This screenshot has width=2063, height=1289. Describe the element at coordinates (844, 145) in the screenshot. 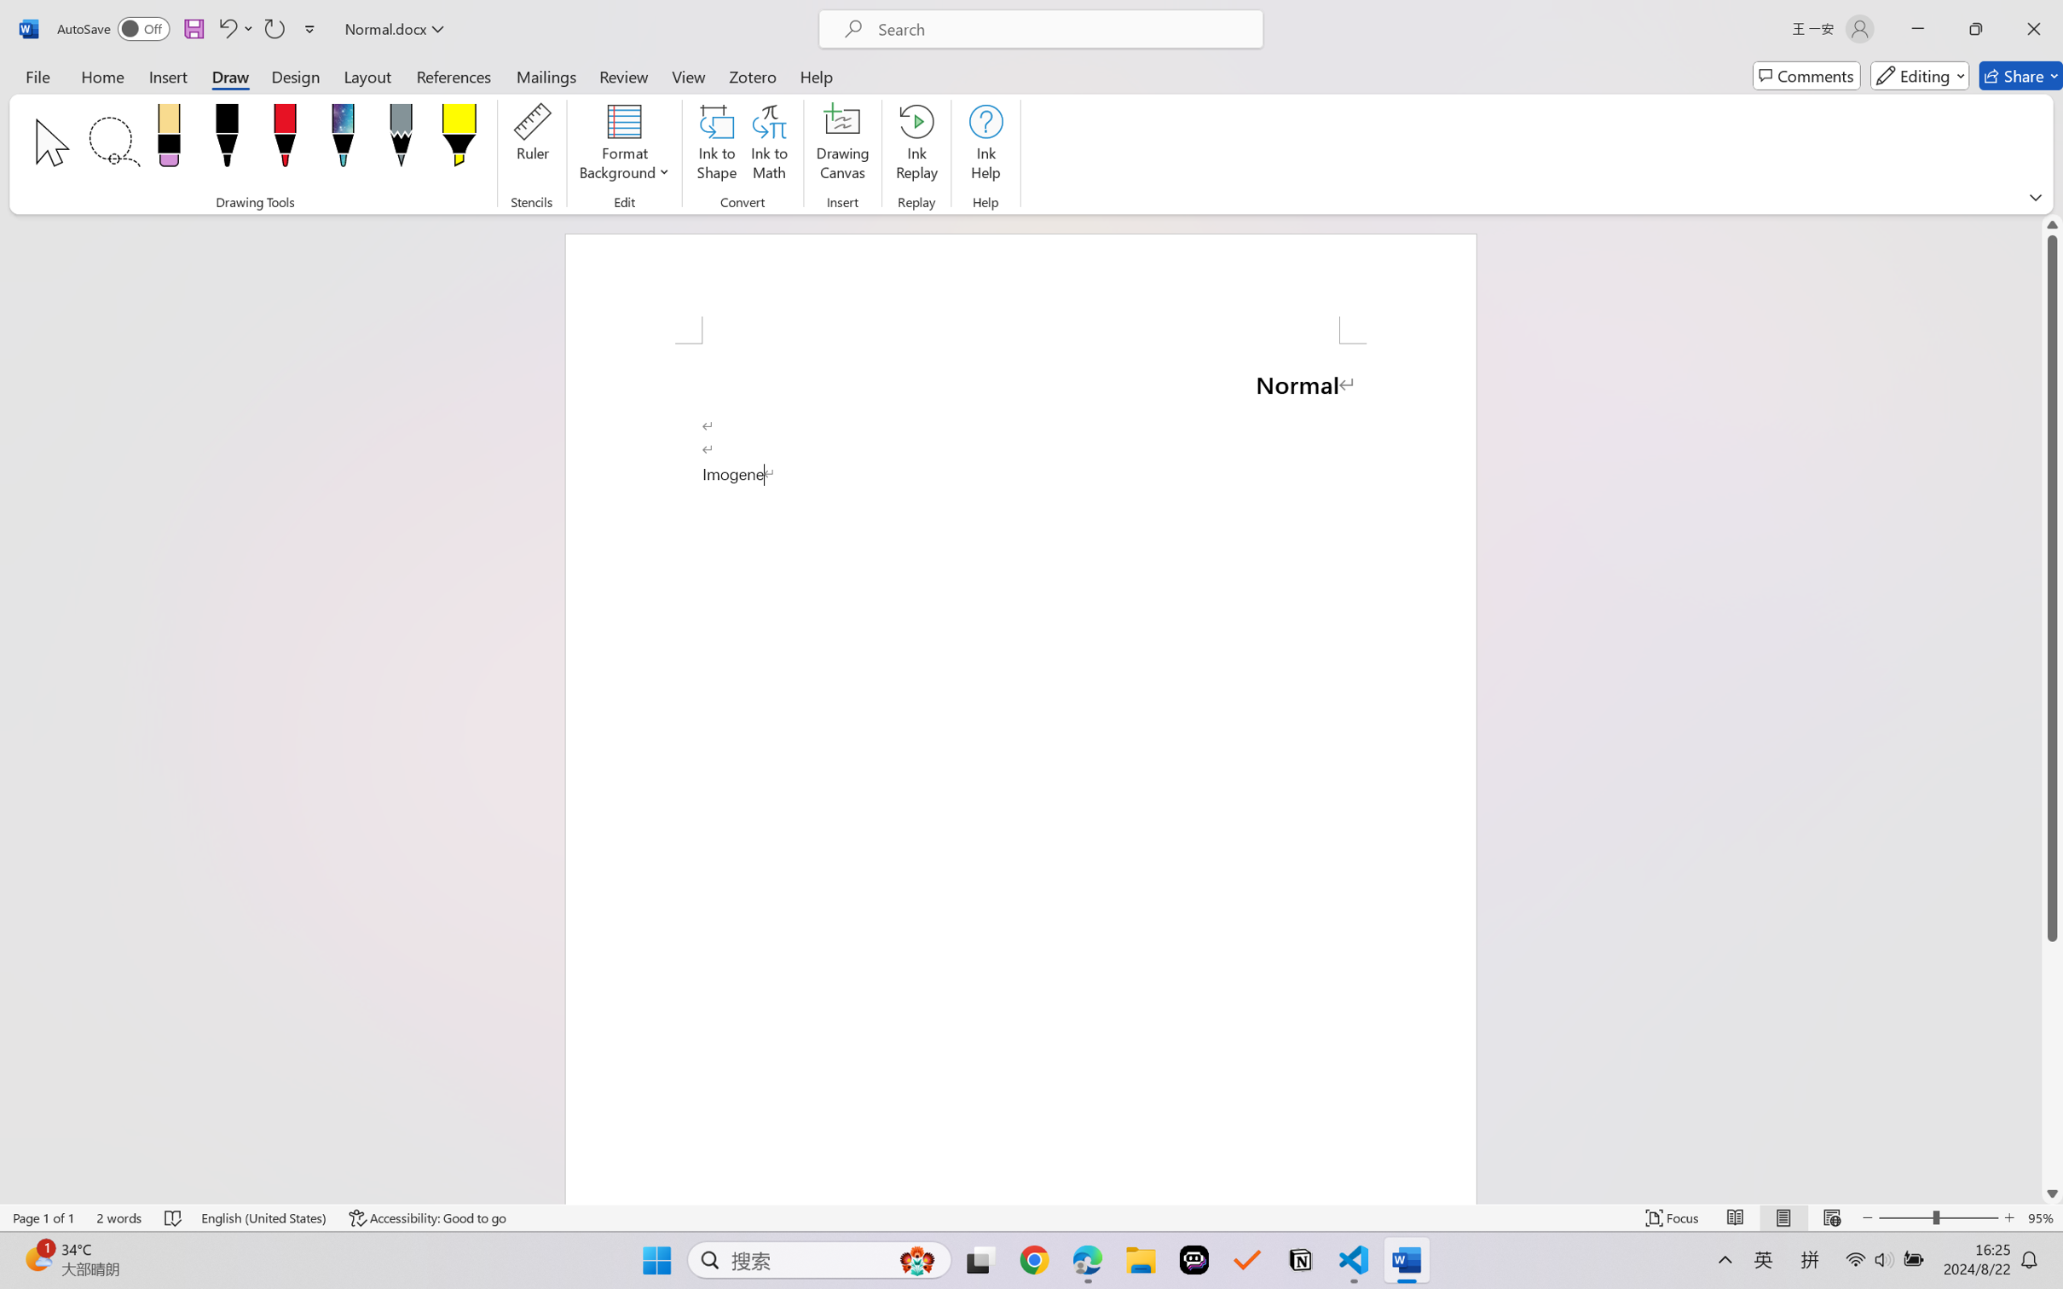

I see `'Drawing Canvas'` at that location.